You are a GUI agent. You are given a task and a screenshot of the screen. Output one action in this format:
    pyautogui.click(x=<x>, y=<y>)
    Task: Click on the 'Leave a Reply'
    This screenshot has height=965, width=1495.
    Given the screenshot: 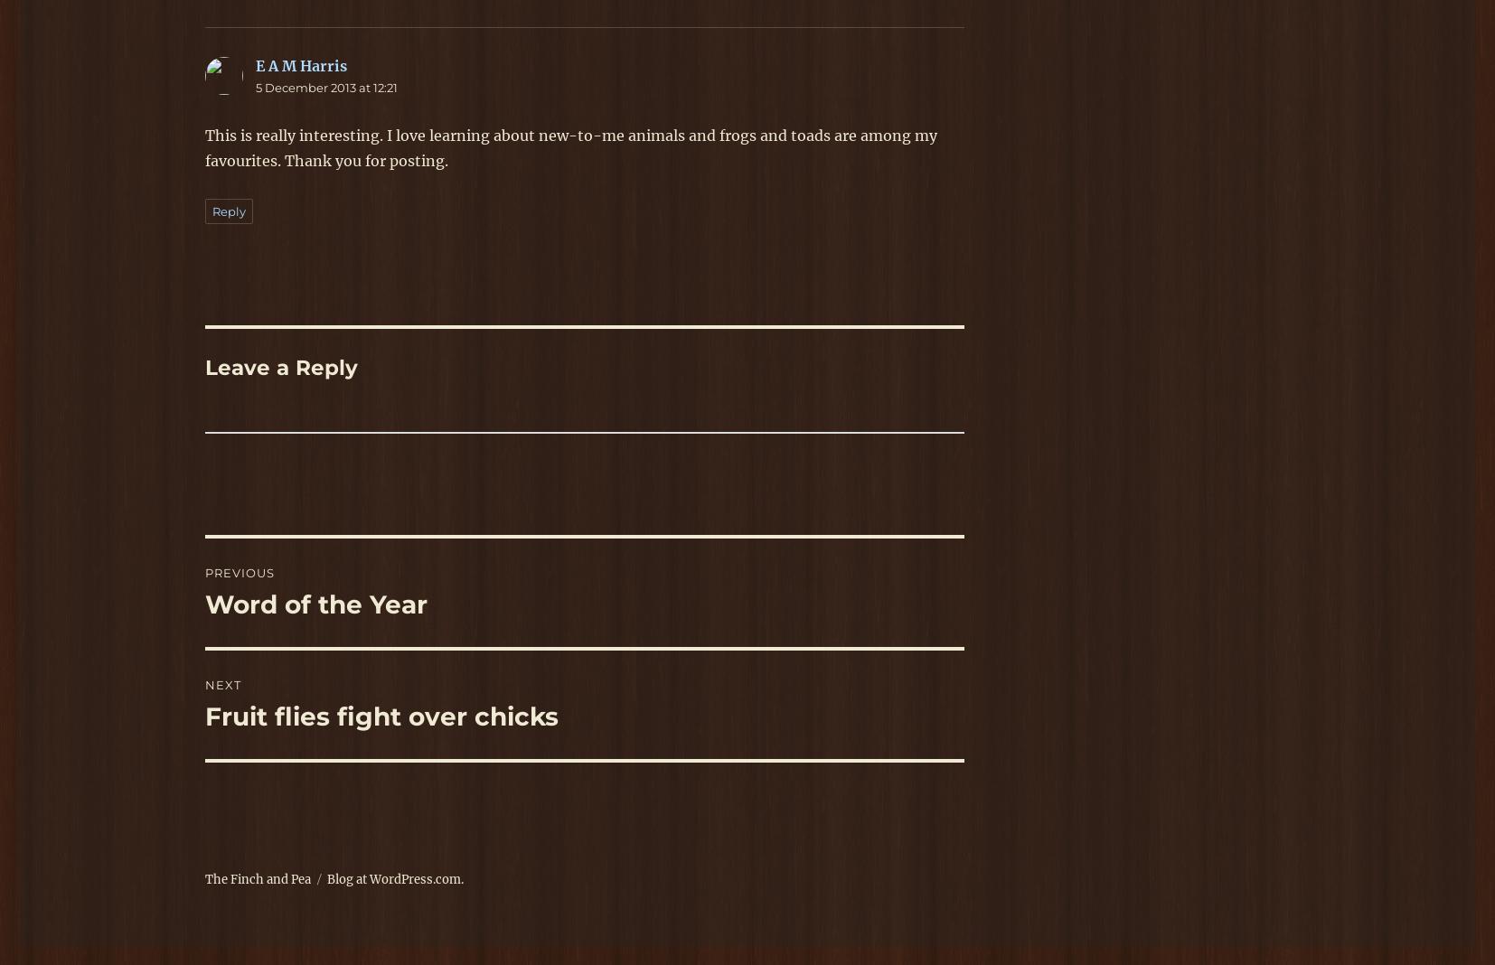 What is the action you would take?
    pyautogui.click(x=280, y=368)
    